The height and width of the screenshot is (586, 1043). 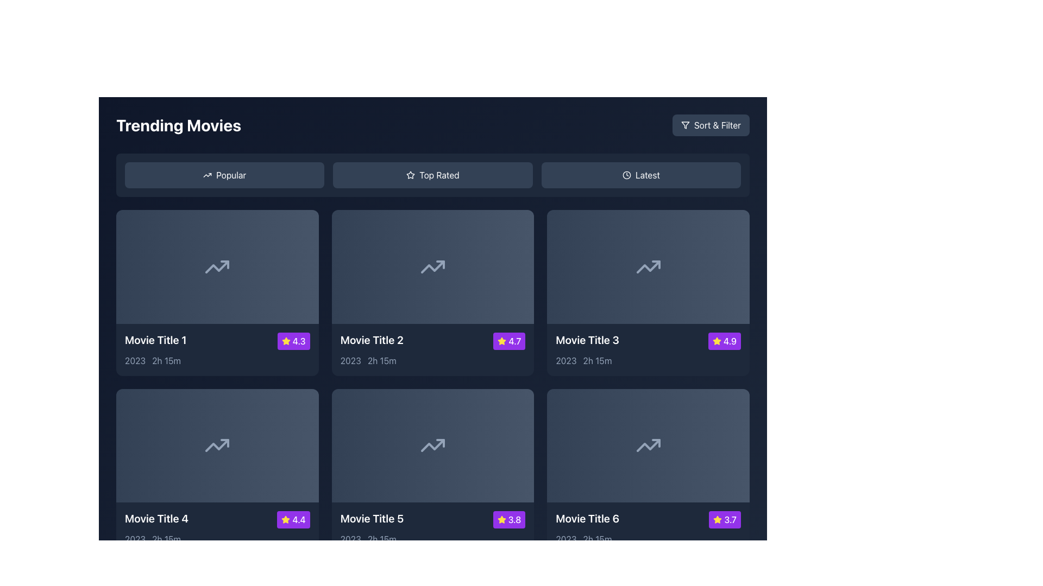 What do you see at coordinates (350, 539) in the screenshot?
I see `year '2023' displayed in a clear, sans-serif font beneath the title 'Movie Title 5' in the movie grid` at bounding box center [350, 539].